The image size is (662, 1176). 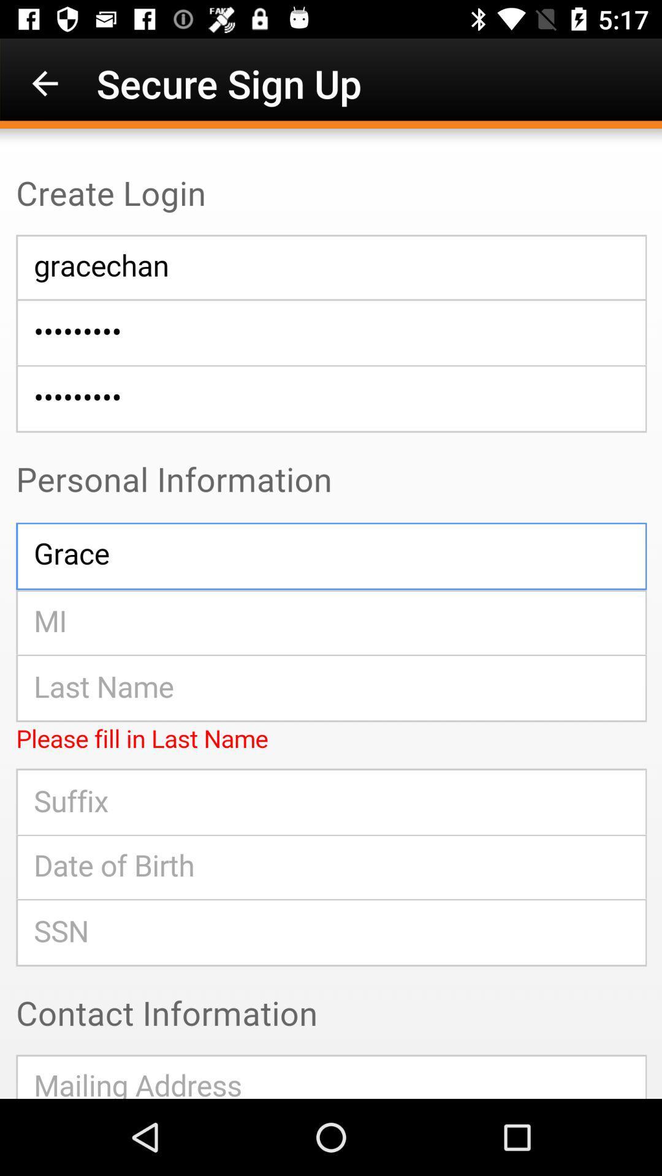 What do you see at coordinates (331, 614) in the screenshot?
I see `login page` at bounding box center [331, 614].